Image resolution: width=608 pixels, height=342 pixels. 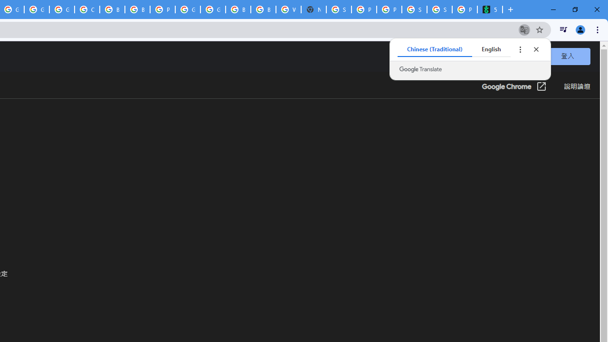 What do you see at coordinates (520, 49) in the screenshot?
I see `'Translate options'` at bounding box center [520, 49].